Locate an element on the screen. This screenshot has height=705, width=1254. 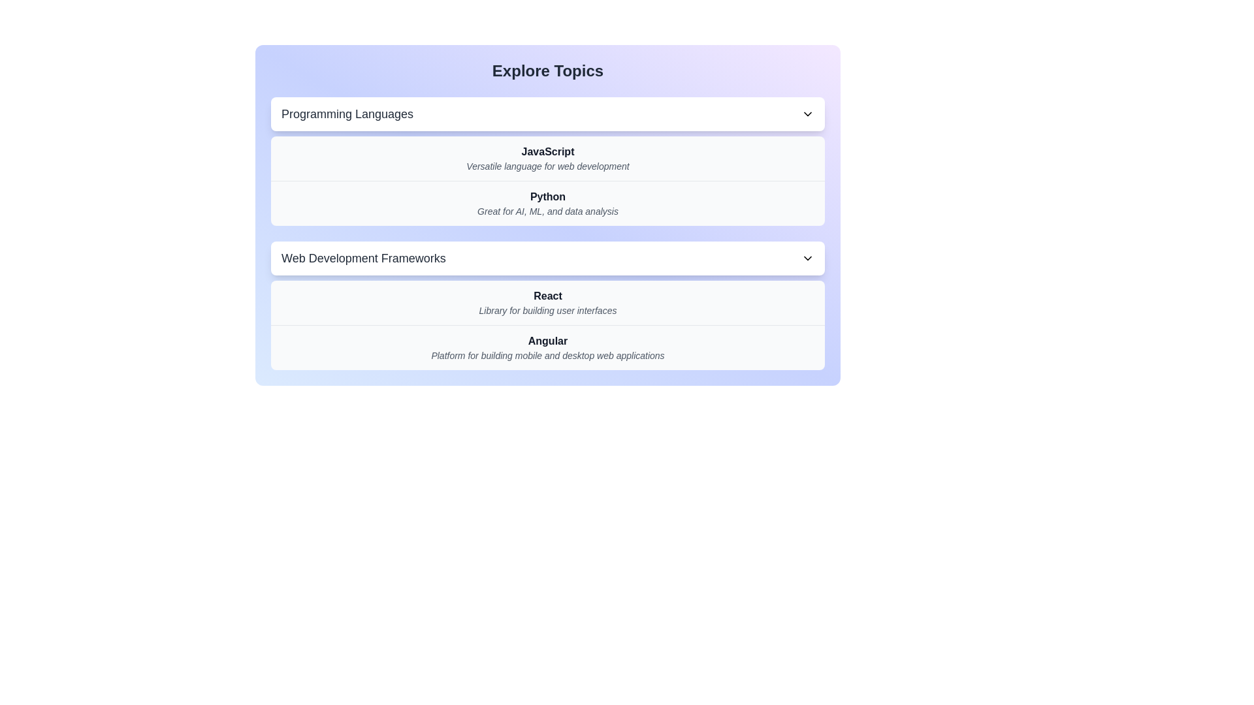
text label that reads 'Programming Languages', which is styled in a large, medium-weight dark gray font, located near the top-left corner of the interface is located at coordinates (347, 113).